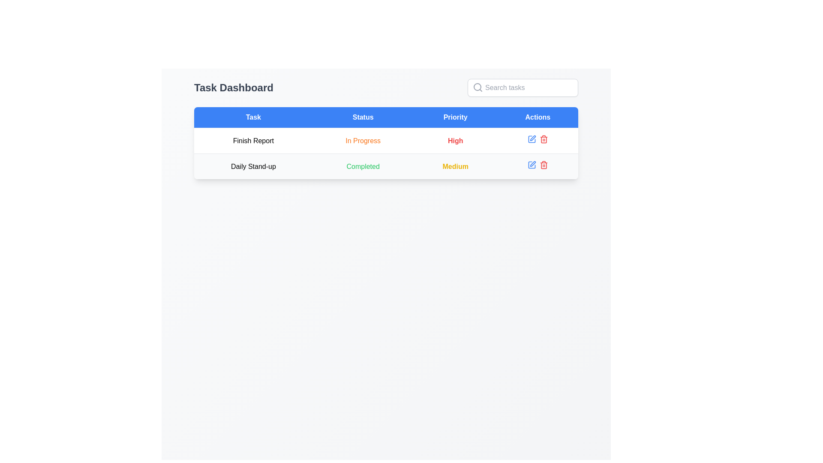  Describe the element at coordinates (386, 153) in the screenshot. I see `the first row of the task table` at that location.